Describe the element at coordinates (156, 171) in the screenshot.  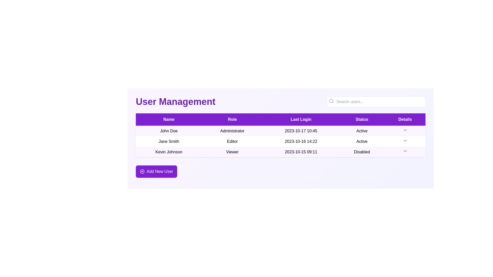
I see `the purple rectangular button with rounded edges that has the text 'Add New User' and a plus sign icon` at that location.